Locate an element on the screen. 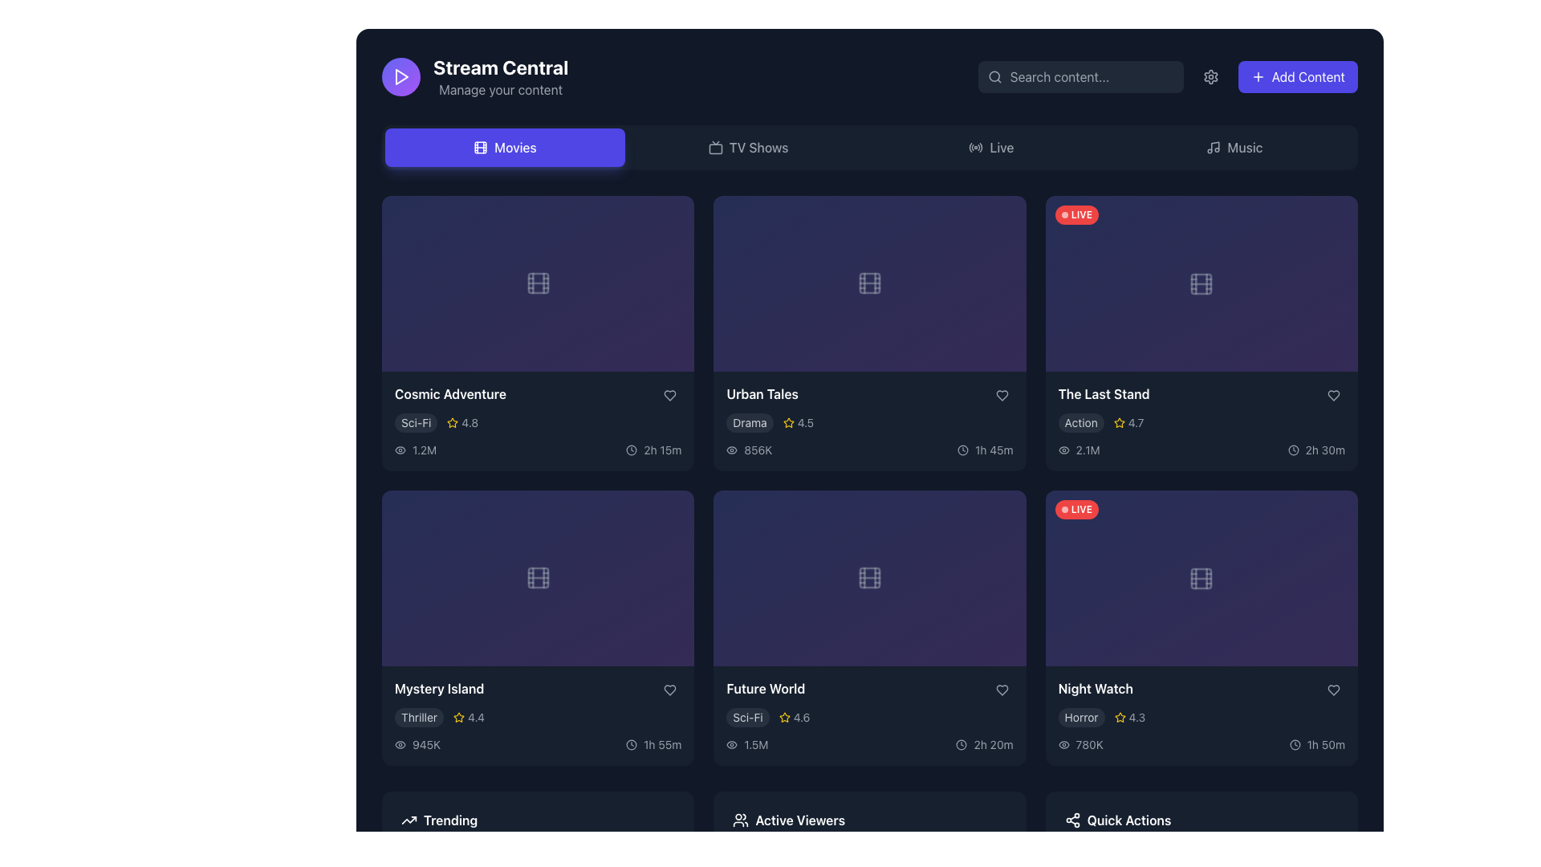 This screenshot has width=1541, height=867. the clock icon representing the duration of the movie, which is located in the bottom row of the second column in the grid of movie entries is located at coordinates (631, 744).